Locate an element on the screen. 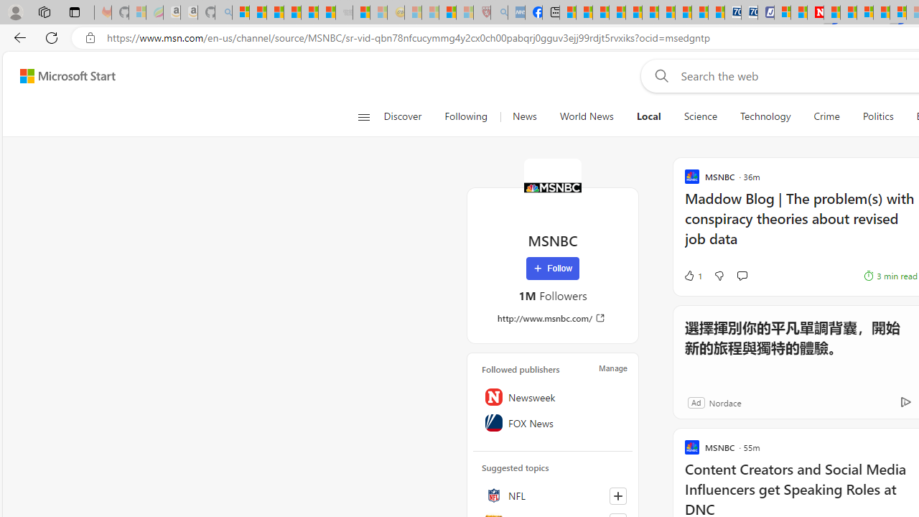 Image resolution: width=919 pixels, height=517 pixels. 'Manage' is located at coordinates (613, 368).